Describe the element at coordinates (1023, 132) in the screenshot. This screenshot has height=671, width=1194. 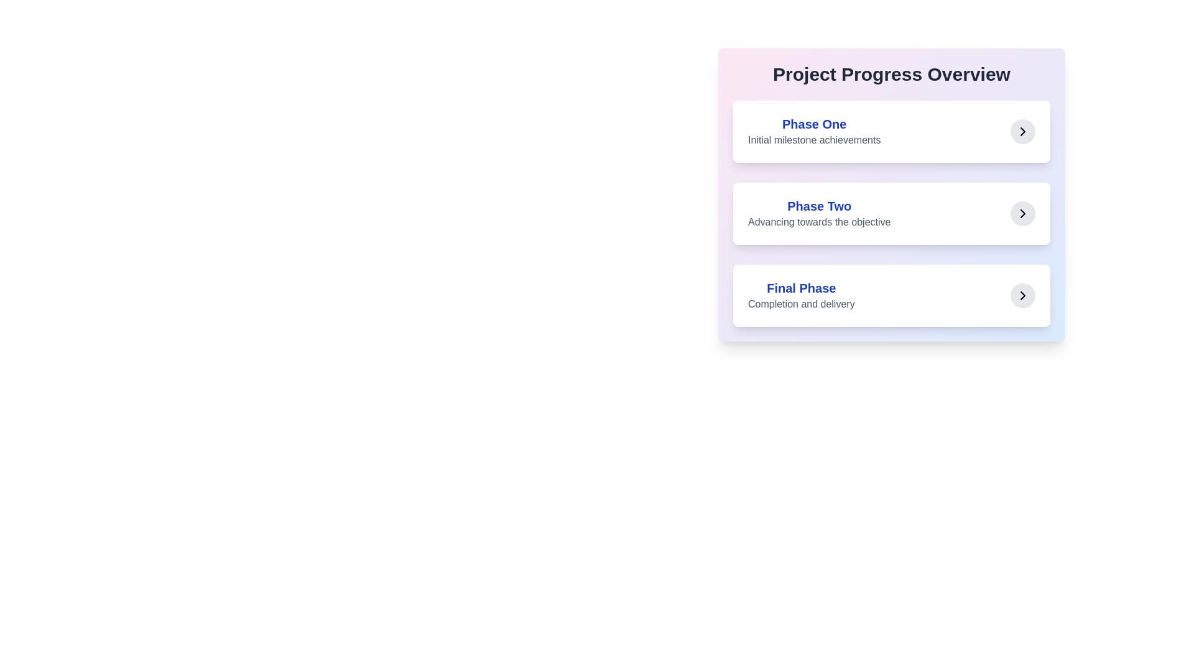
I see `the forward navigation icon located to the right of the 'Phase One' title in the vertical list of phases` at that location.